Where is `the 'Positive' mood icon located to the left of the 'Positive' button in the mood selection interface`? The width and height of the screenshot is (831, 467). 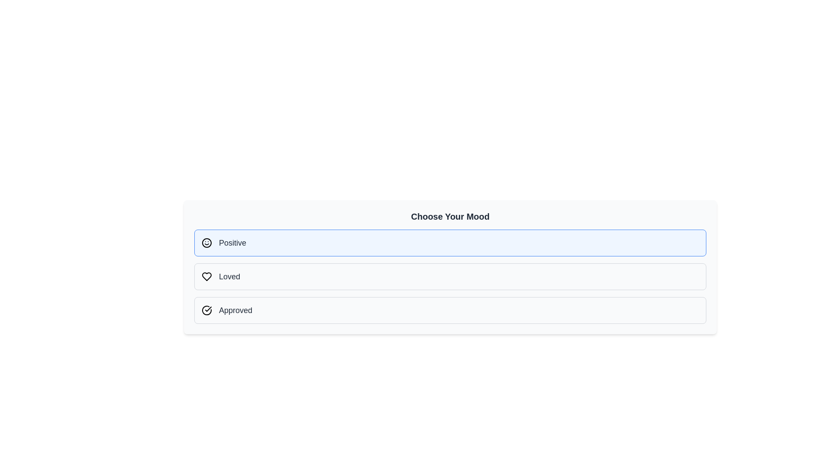 the 'Positive' mood icon located to the left of the 'Positive' button in the mood selection interface is located at coordinates (206, 243).